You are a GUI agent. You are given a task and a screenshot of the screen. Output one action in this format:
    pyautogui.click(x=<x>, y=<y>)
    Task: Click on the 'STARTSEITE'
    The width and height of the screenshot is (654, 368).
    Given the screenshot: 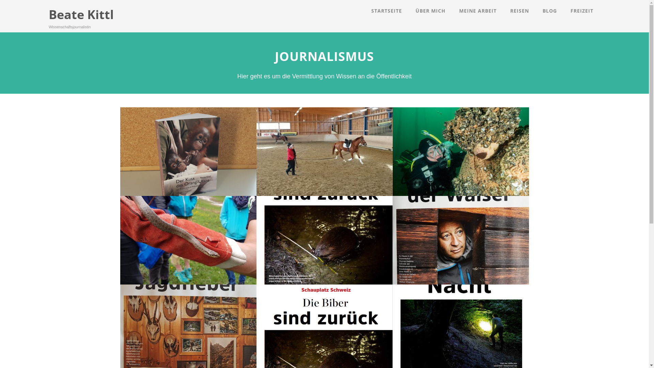 What is the action you would take?
    pyautogui.click(x=386, y=11)
    